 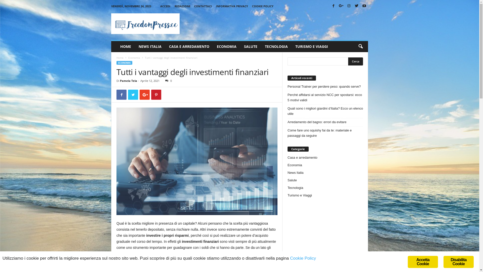 I want to click on '0', so click(x=168, y=80).